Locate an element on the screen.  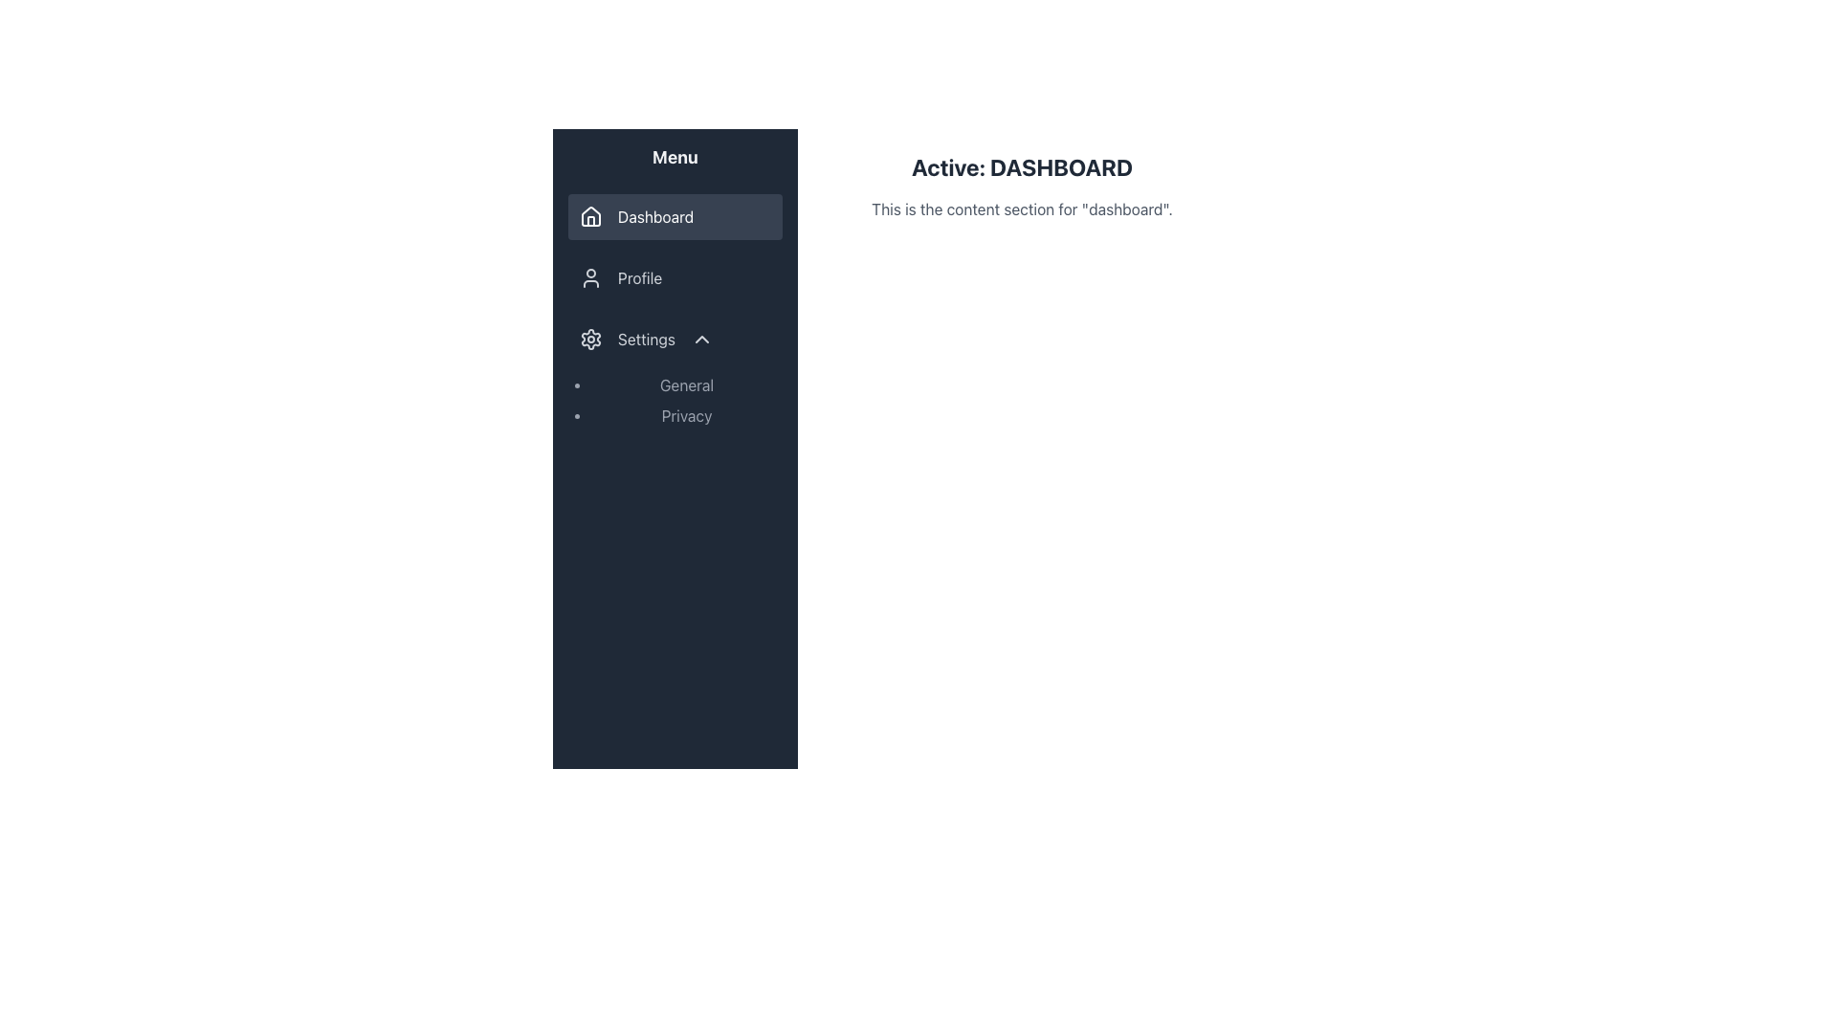
the chevron button located to the right of the 'Settings' label in the navigation menu is located at coordinates (700, 338).